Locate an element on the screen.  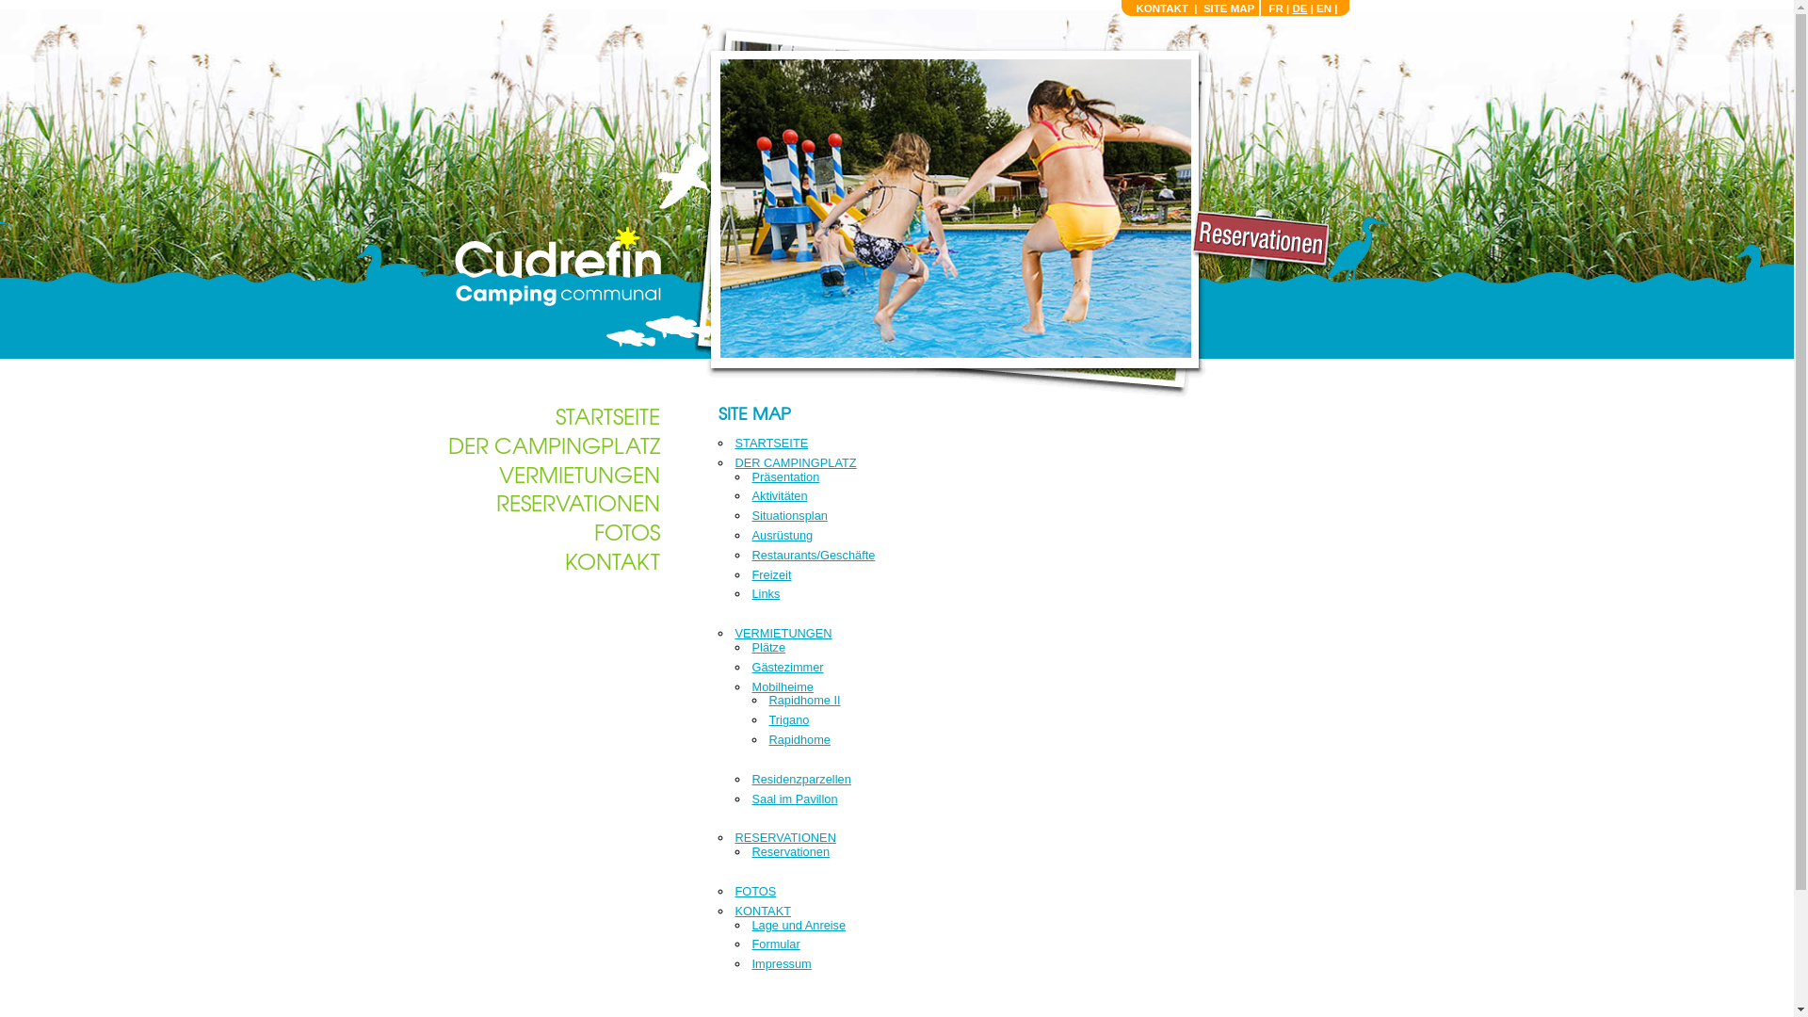
'RESERVATIONEN' is located at coordinates (784, 836).